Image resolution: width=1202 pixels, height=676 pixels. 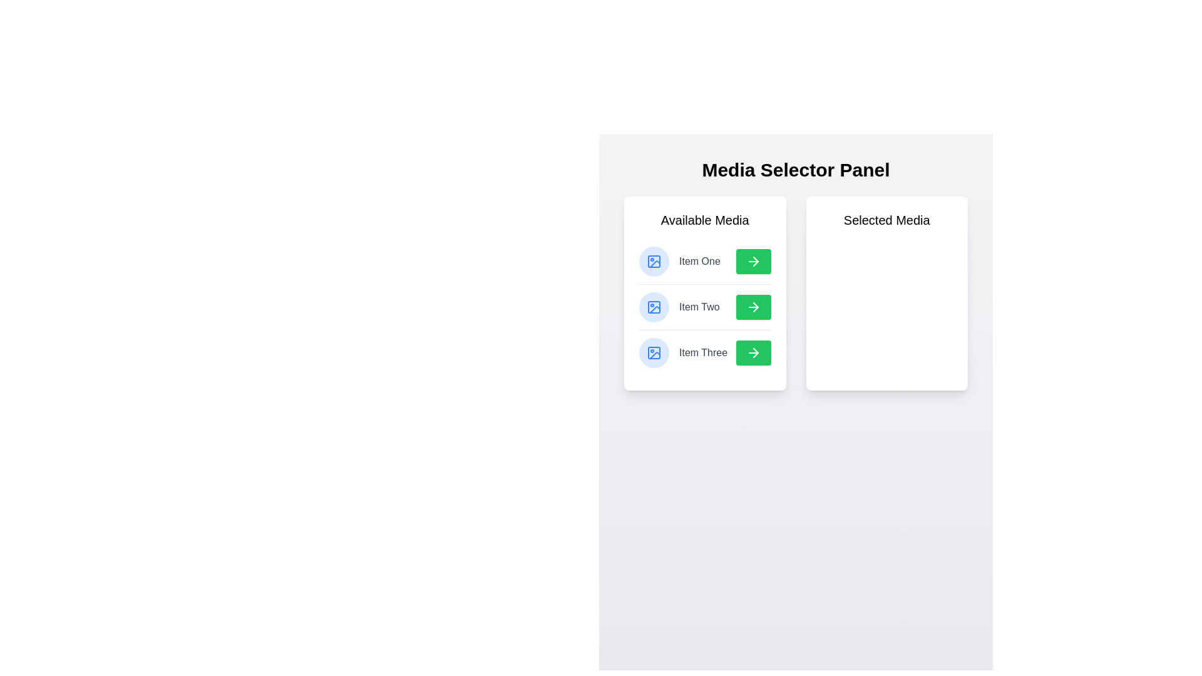 What do you see at coordinates (753, 307) in the screenshot?
I see `the arrow icon inside the green button labeled 'Available Media' that corresponds to 'Item Two'` at bounding box center [753, 307].